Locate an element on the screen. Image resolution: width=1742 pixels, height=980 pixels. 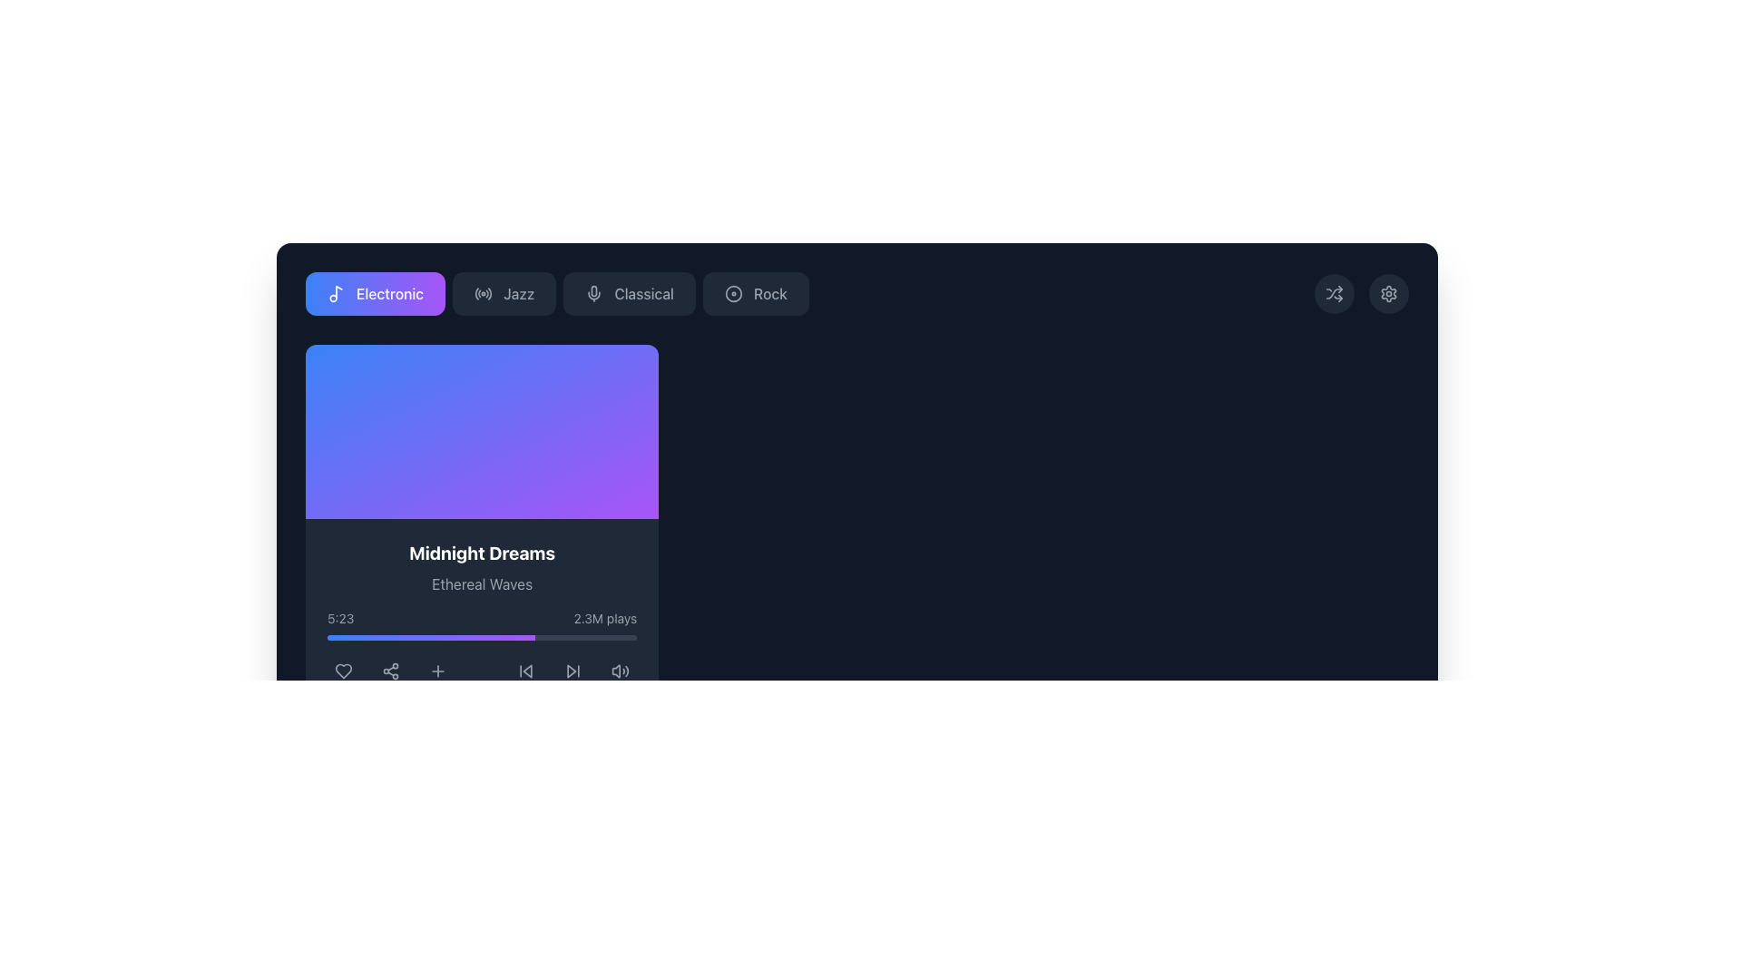
the control panel icon located at the bottom of the music player card is located at coordinates (482, 671).